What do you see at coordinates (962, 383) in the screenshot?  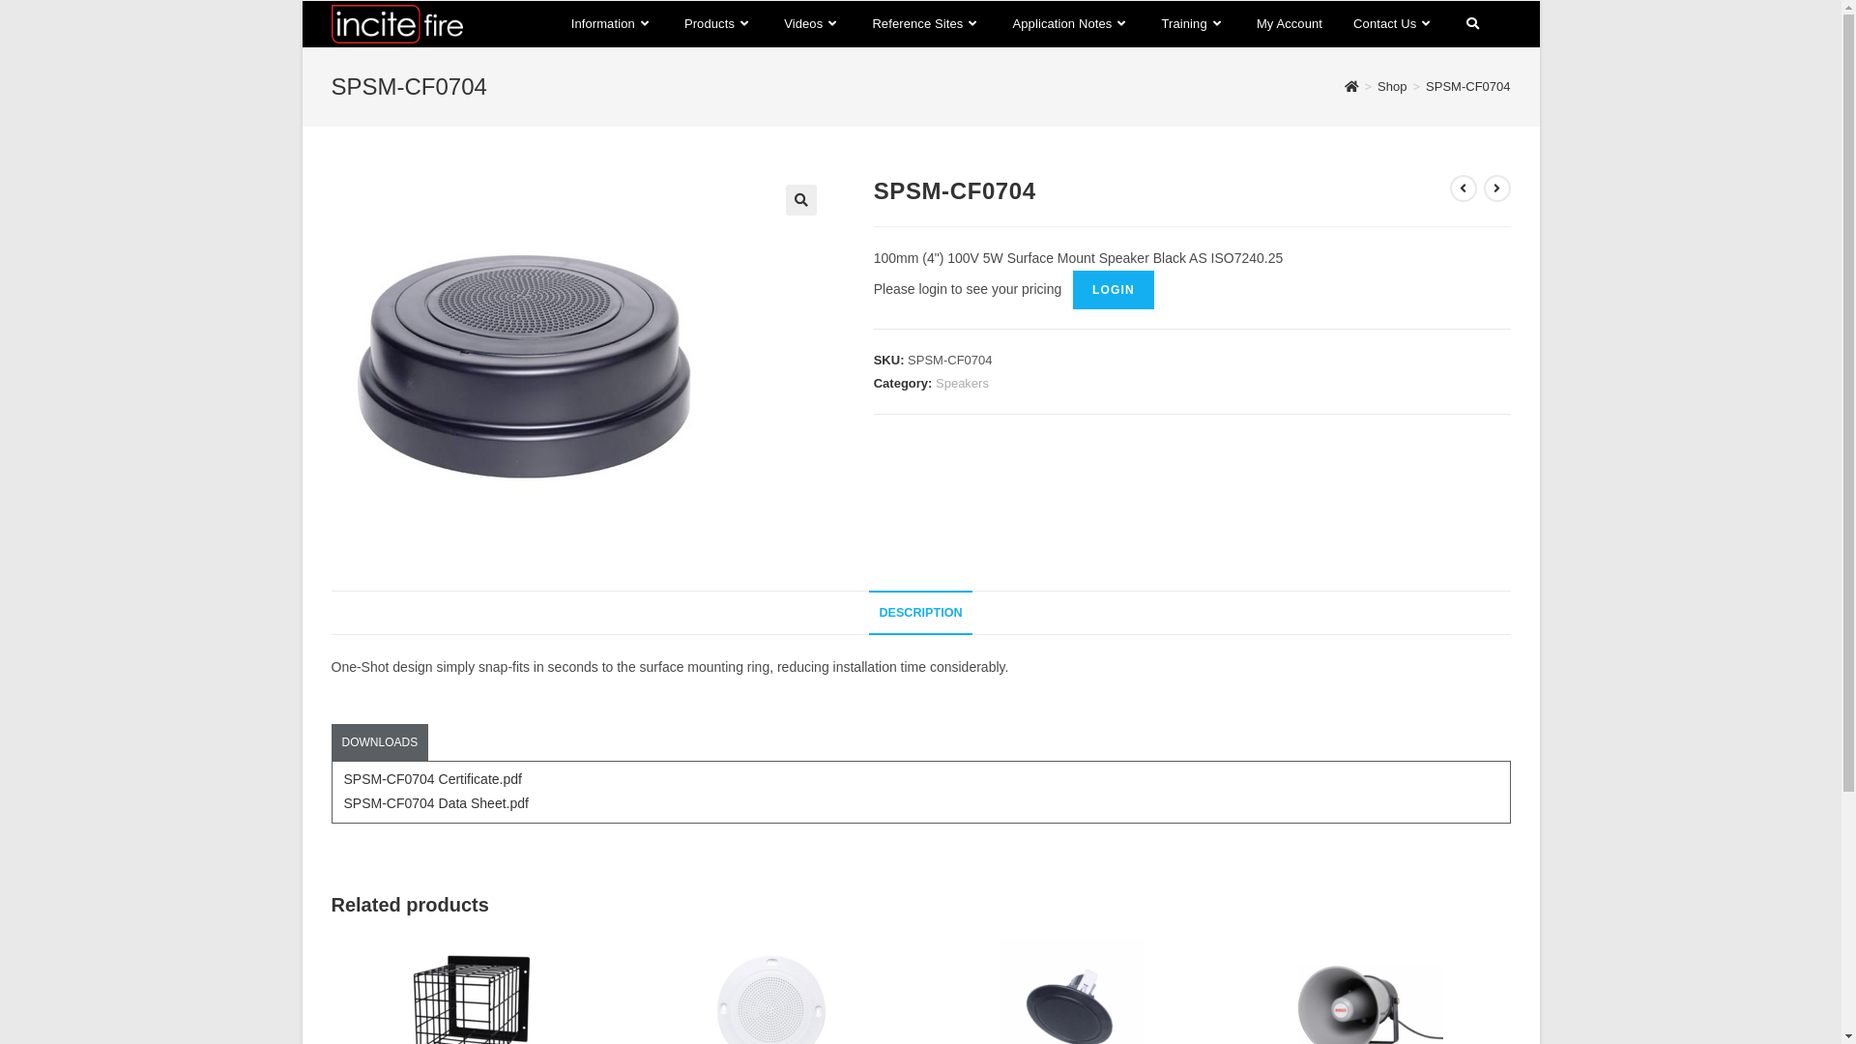 I see `'Speakers'` at bounding box center [962, 383].